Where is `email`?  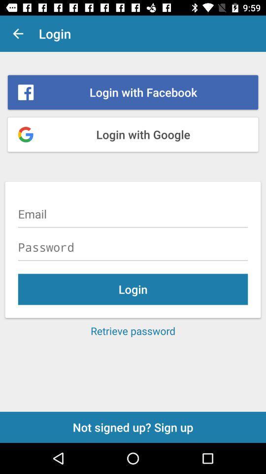
email is located at coordinates (133, 214).